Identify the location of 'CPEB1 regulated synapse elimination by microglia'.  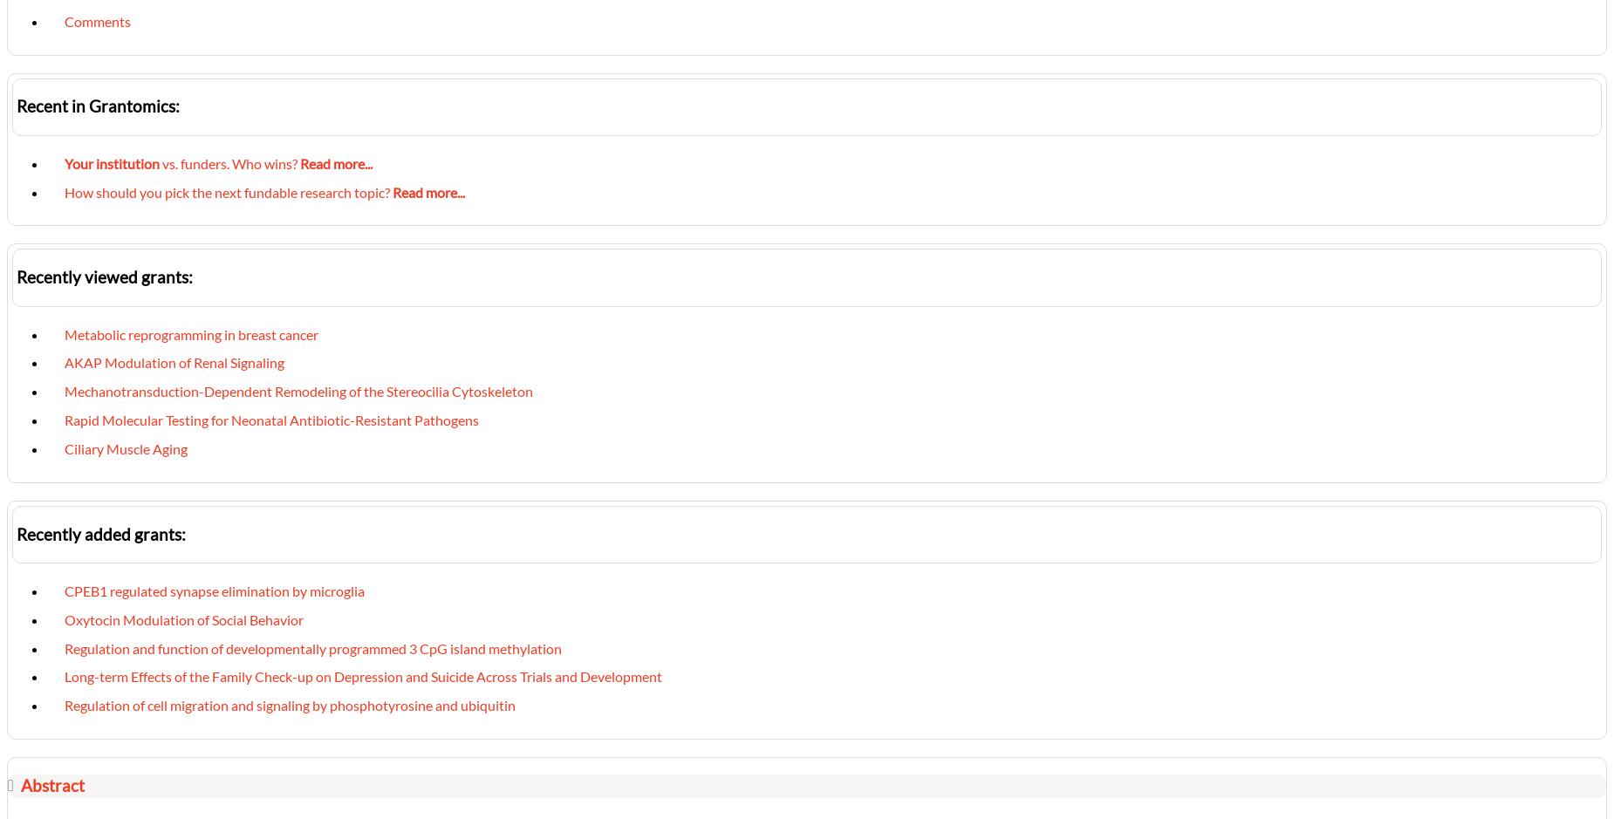
(214, 590).